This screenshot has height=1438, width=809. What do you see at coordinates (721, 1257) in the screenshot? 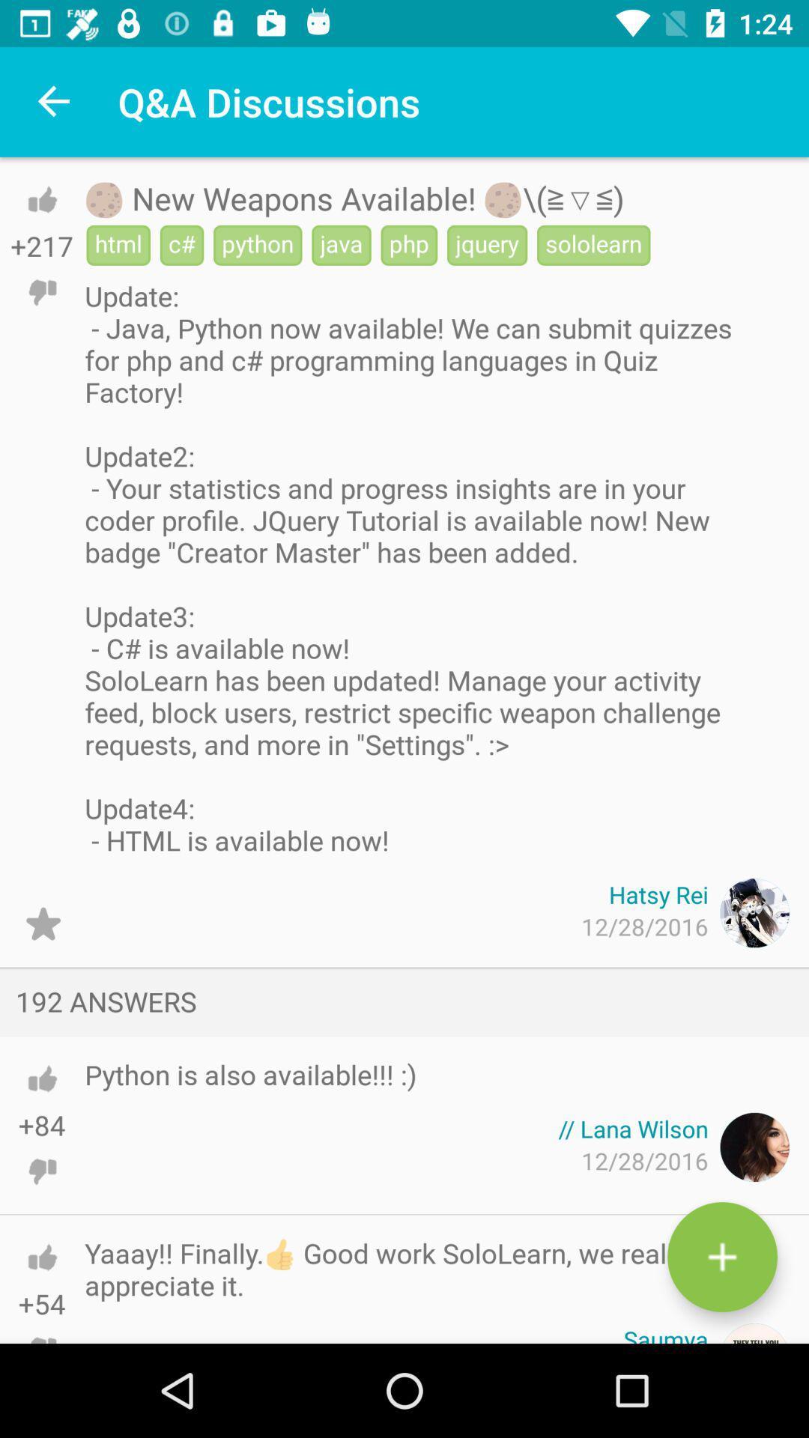
I see `item` at bounding box center [721, 1257].